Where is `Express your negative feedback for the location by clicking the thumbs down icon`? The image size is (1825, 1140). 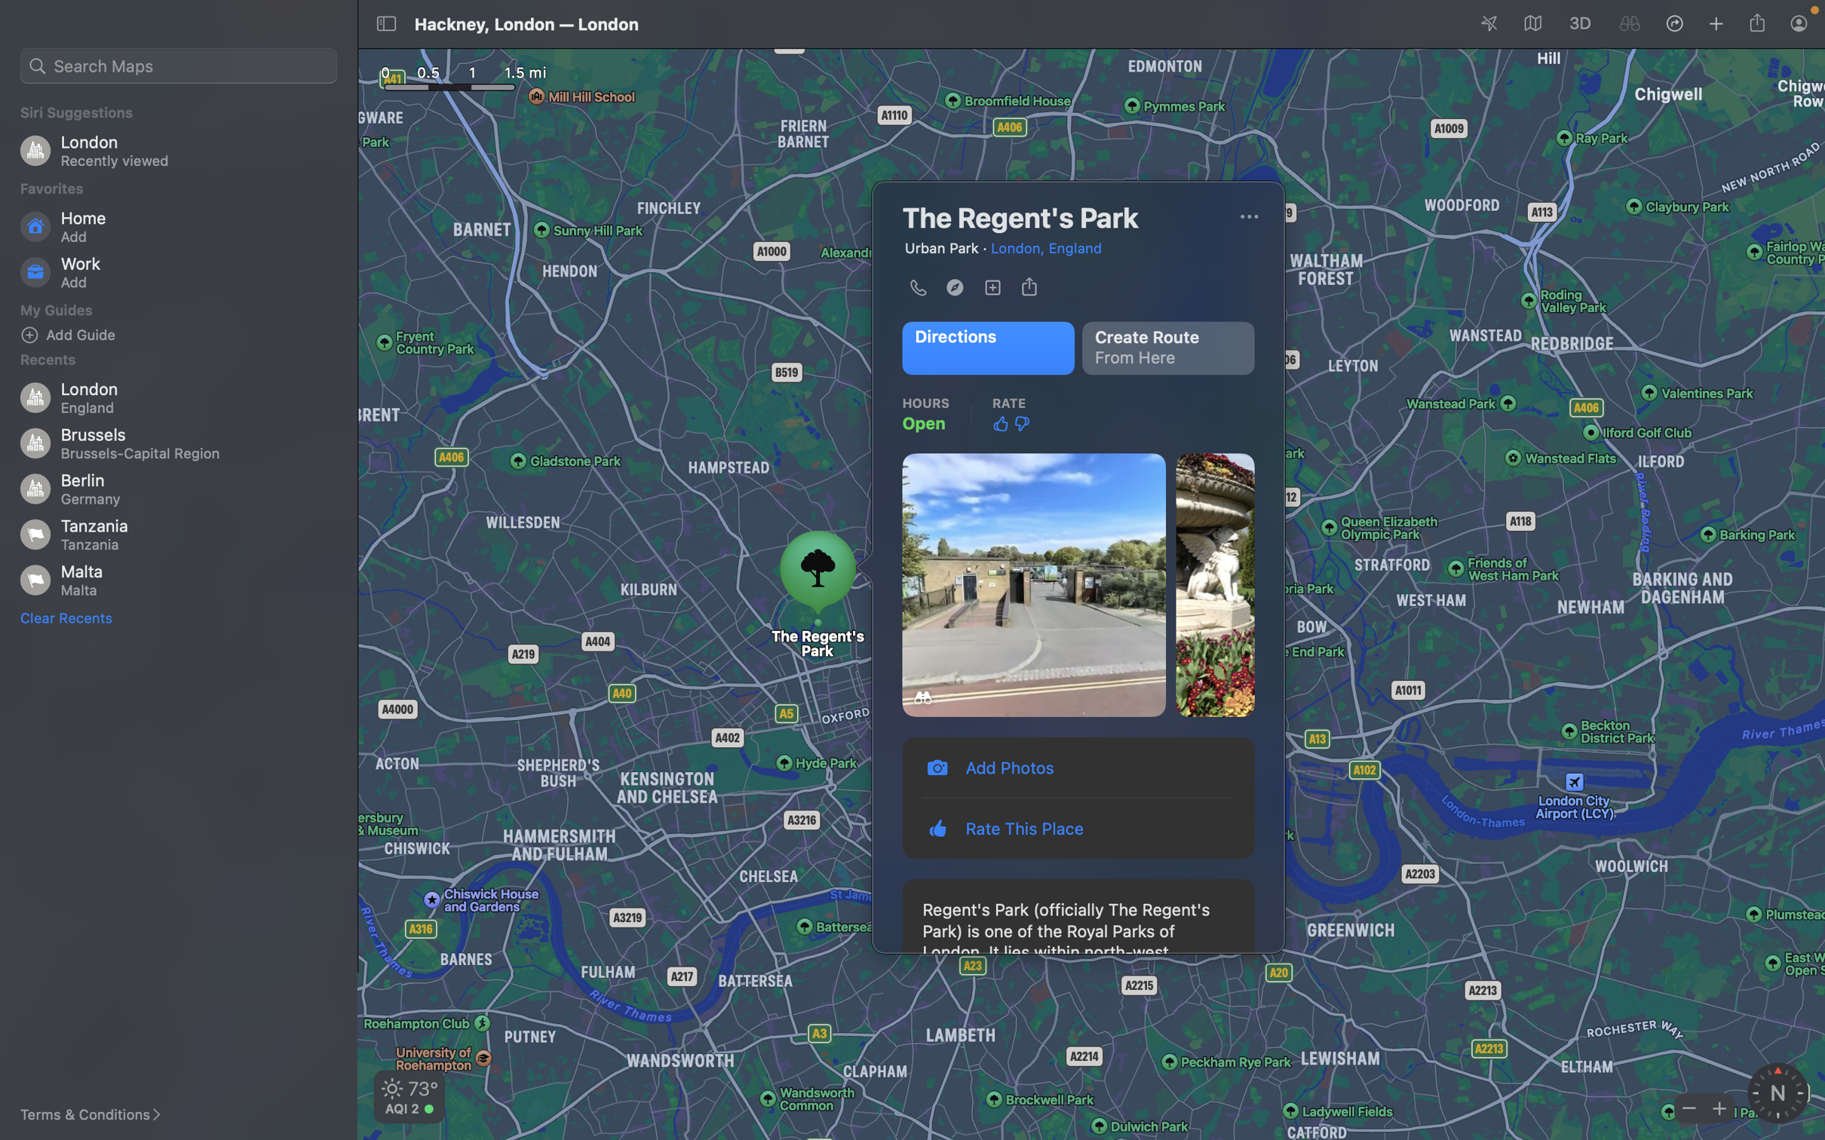
Express your negative feedback for the location by clicking the thumbs down icon is located at coordinates (1021, 424).